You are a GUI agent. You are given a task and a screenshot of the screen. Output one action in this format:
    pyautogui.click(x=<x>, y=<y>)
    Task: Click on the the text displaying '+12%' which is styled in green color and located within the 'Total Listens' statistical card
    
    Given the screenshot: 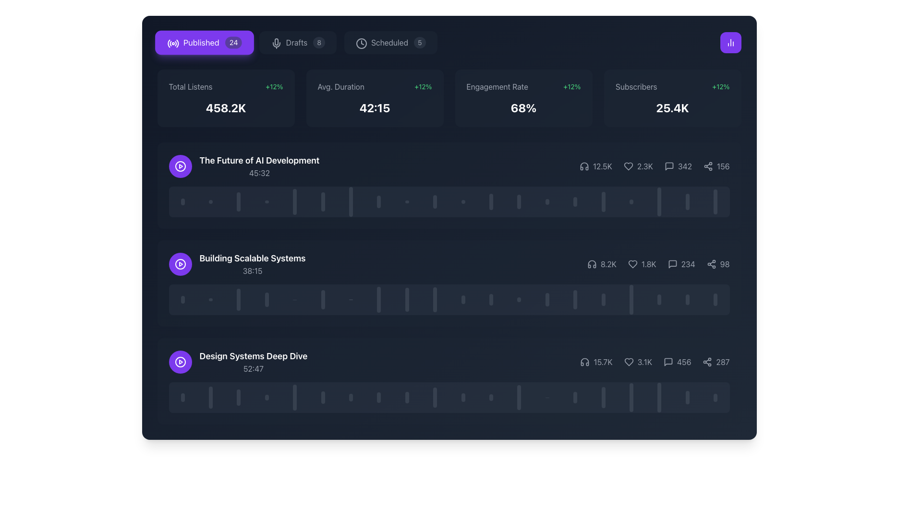 What is the action you would take?
    pyautogui.click(x=274, y=87)
    